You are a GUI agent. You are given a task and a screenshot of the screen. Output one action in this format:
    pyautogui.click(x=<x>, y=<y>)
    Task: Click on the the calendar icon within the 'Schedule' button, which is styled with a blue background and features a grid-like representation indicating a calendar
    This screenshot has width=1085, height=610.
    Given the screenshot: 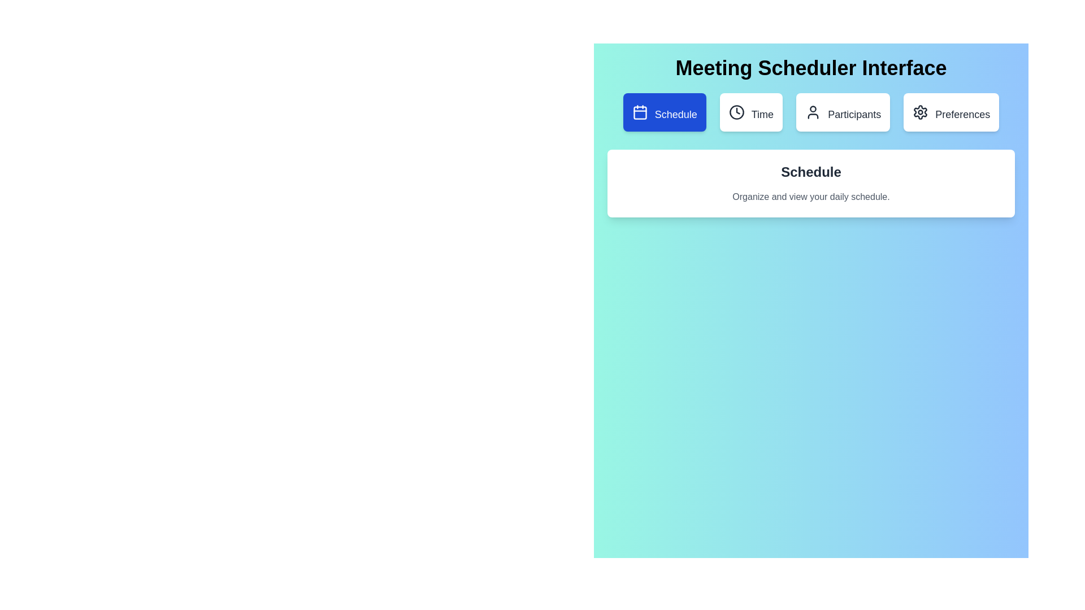 What is the action you would take?
    pyautogui.click(x=640, y=112)
    